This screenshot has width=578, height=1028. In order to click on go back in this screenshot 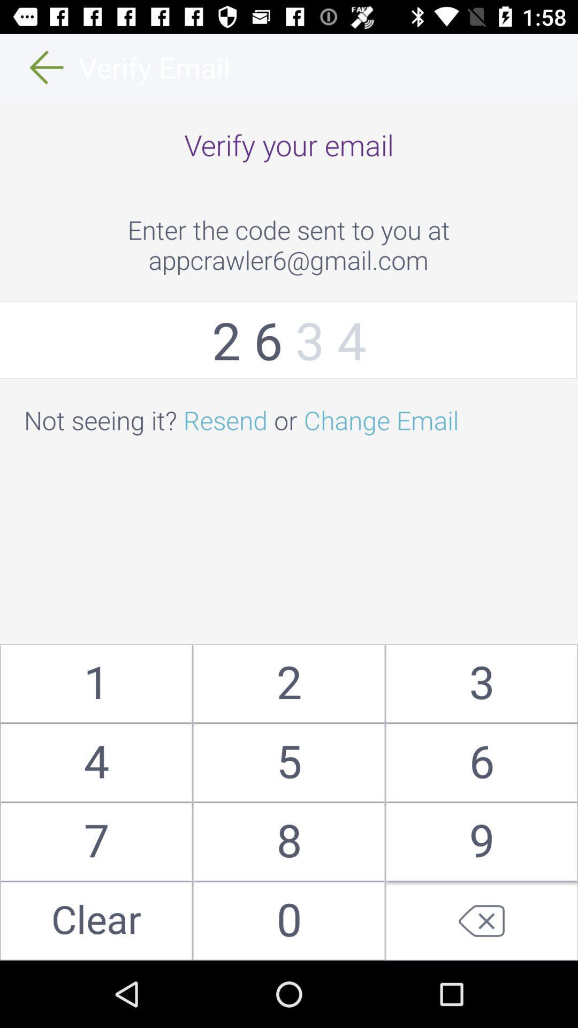, I will do `click(481, 920)`.